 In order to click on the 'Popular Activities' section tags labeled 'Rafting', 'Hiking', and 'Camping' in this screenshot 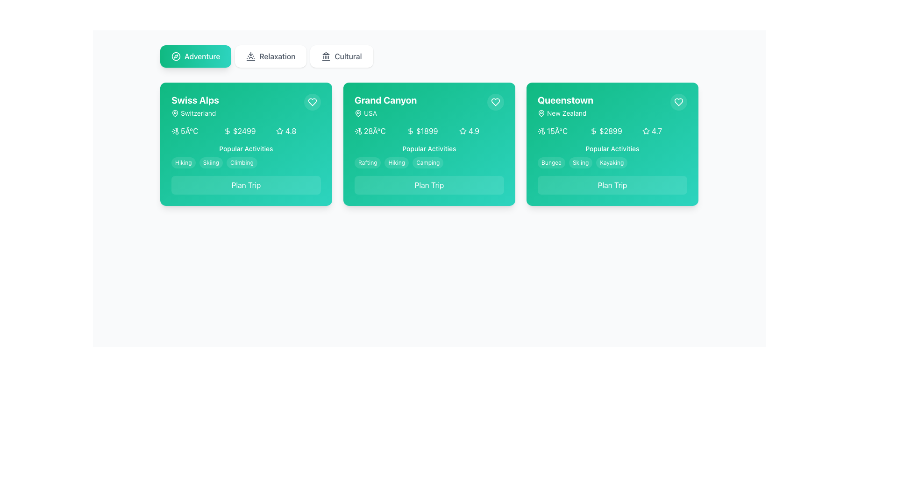, I will do `click(428, 156)`.